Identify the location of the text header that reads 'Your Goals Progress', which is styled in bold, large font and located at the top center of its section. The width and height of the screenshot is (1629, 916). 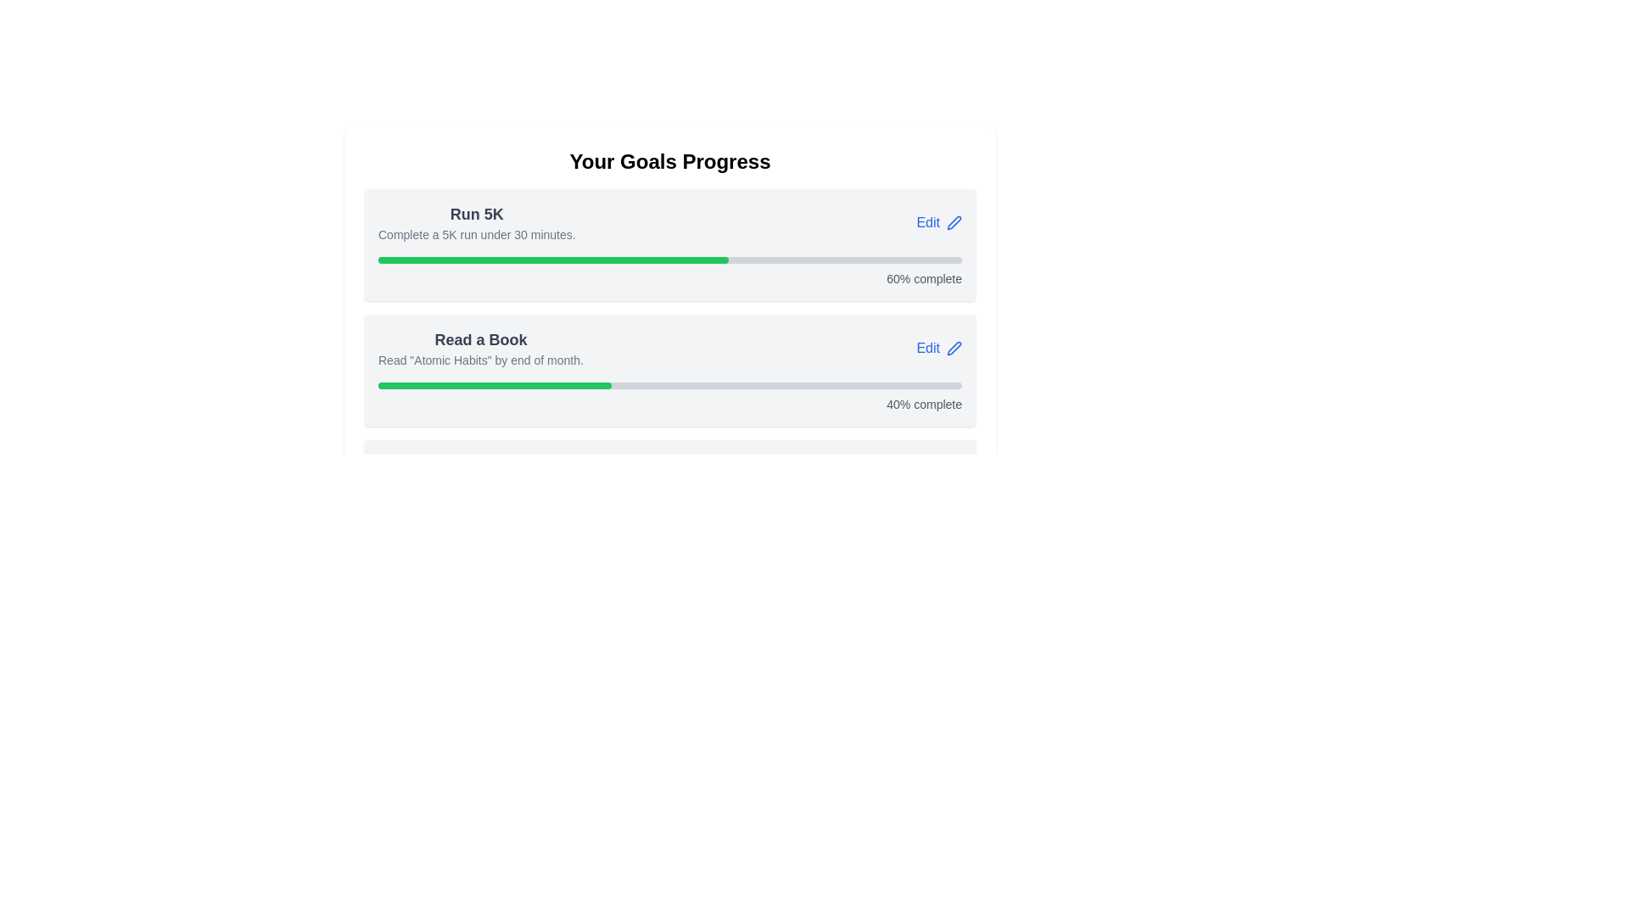
(669, 162).